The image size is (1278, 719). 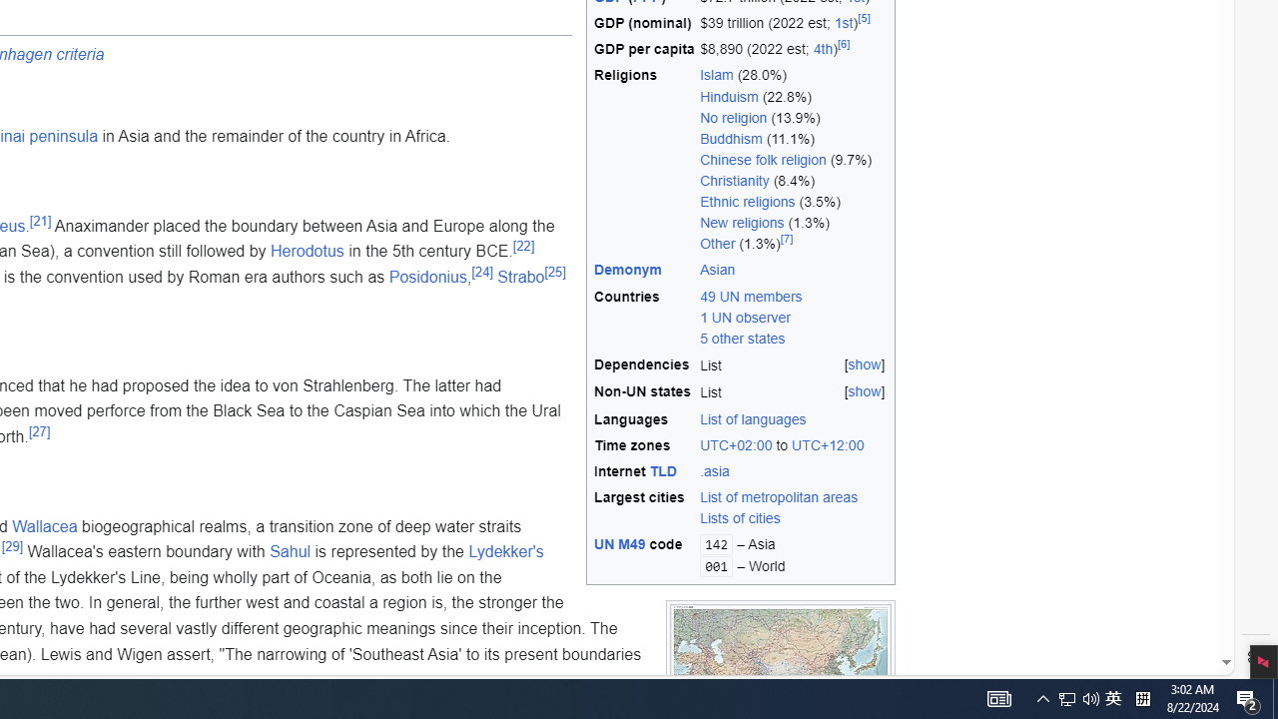 What do you see at coordinates (715, 471) in the screenshot?
I see `'.asia'` at bounding box center [715, 471].